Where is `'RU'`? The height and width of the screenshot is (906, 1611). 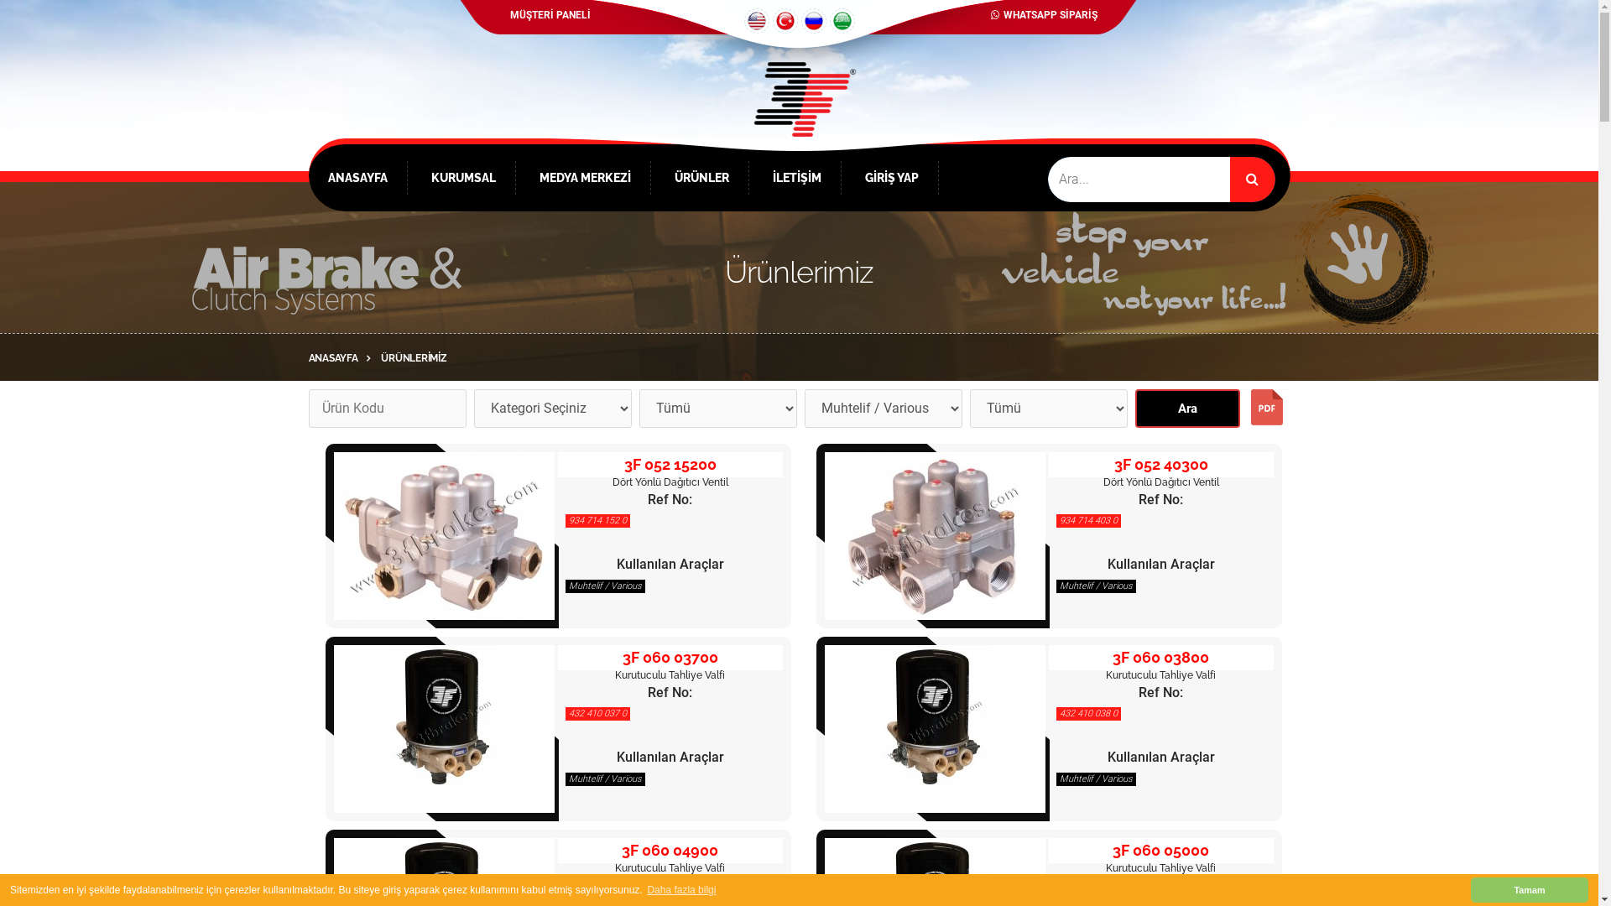
'RU' is located at coordinates (813, 20).